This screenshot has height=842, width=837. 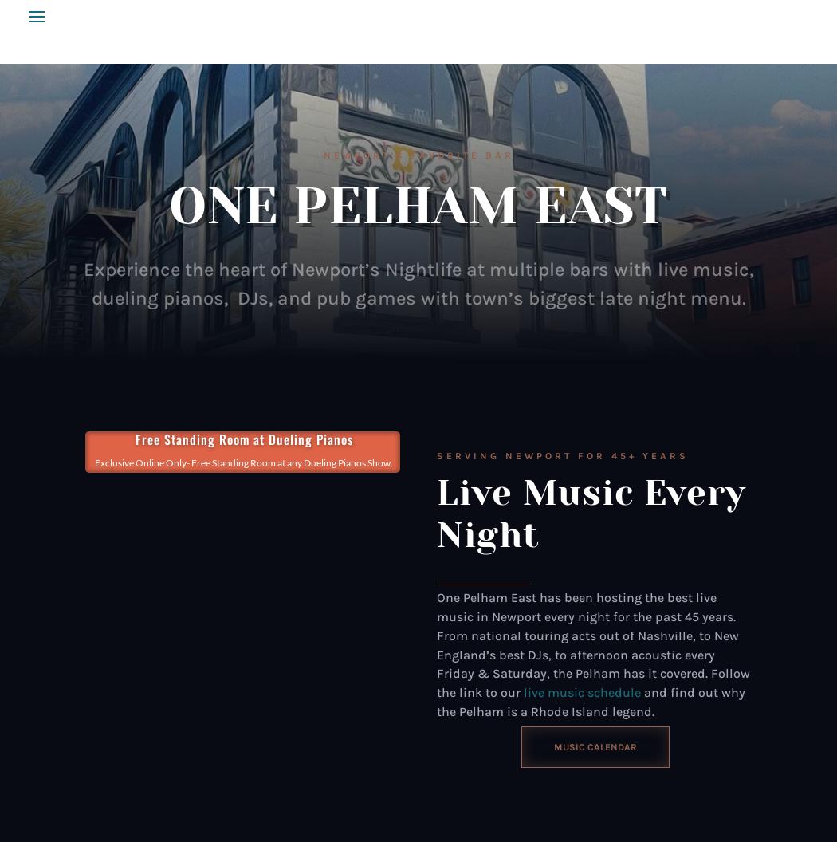 What do you see at coordinates (592, 645) in the screenshot?
I see `'One Pelham East has been hosting the best live music in Newport every night for the past 45 years. From national touring acts out of Nashville, to New England’s best DJs, to afternoon acoustic every Friday & Saturday, the Pelham has it covered. Follow the link to our'` at bounding box center [592, 645].